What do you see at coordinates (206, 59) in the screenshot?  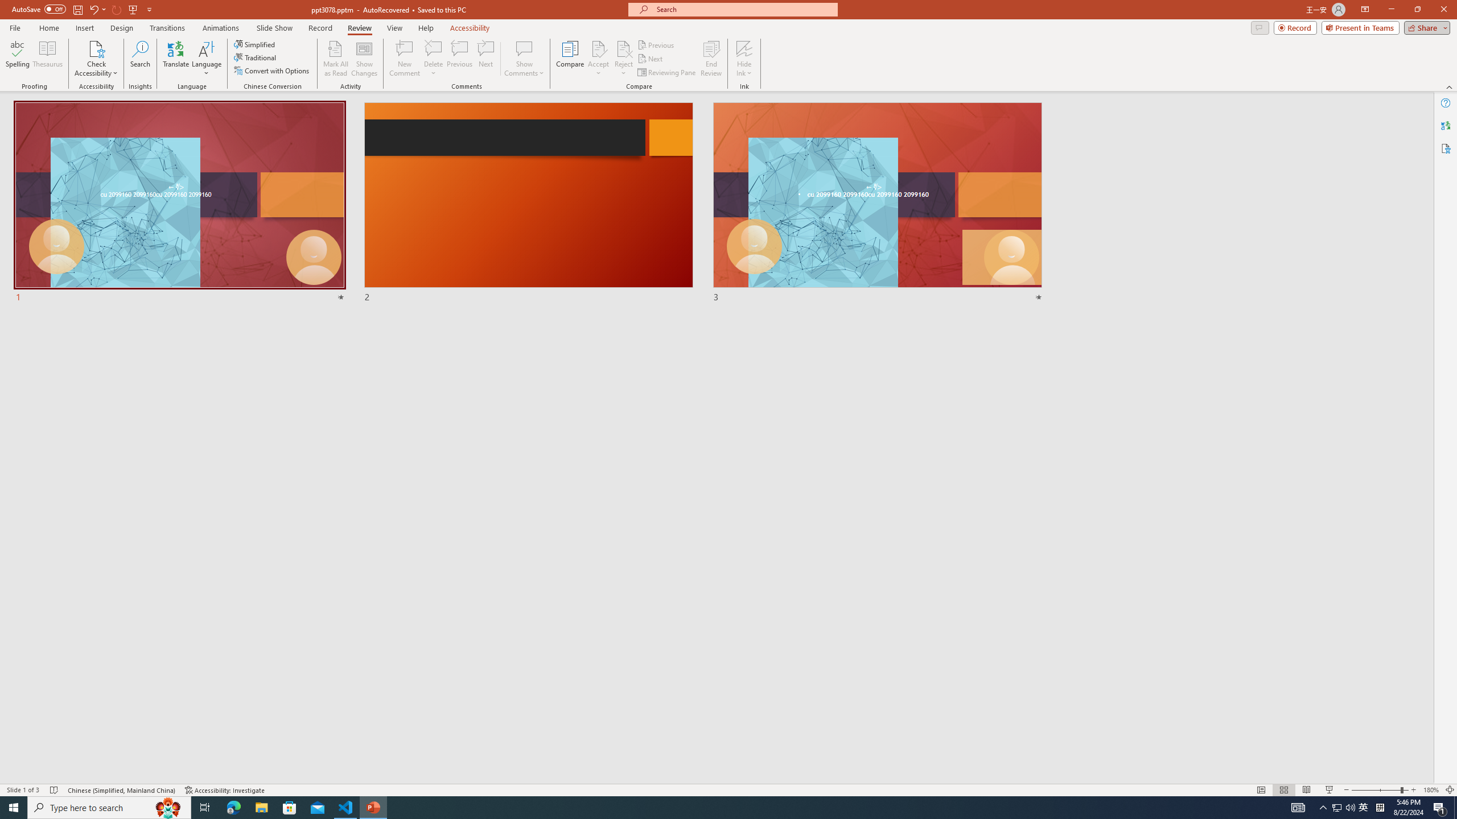 I see `'Language'` at bounding box center [206, 59].